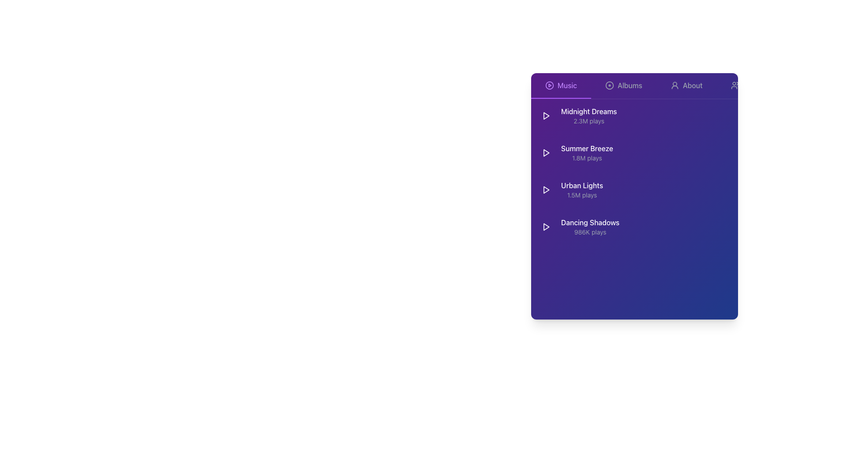  I want to click on the first list item displaying the track 'Midnight Dreams' with a play button, so click(577, 115).